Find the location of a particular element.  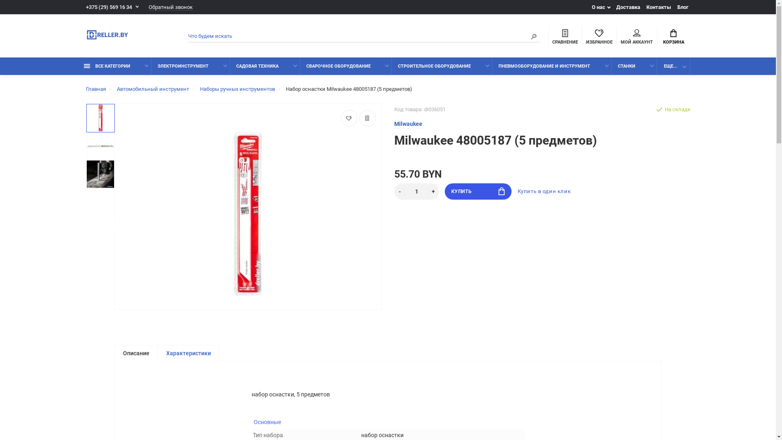

'Milwaukee' is located at coordinates (408, 124).